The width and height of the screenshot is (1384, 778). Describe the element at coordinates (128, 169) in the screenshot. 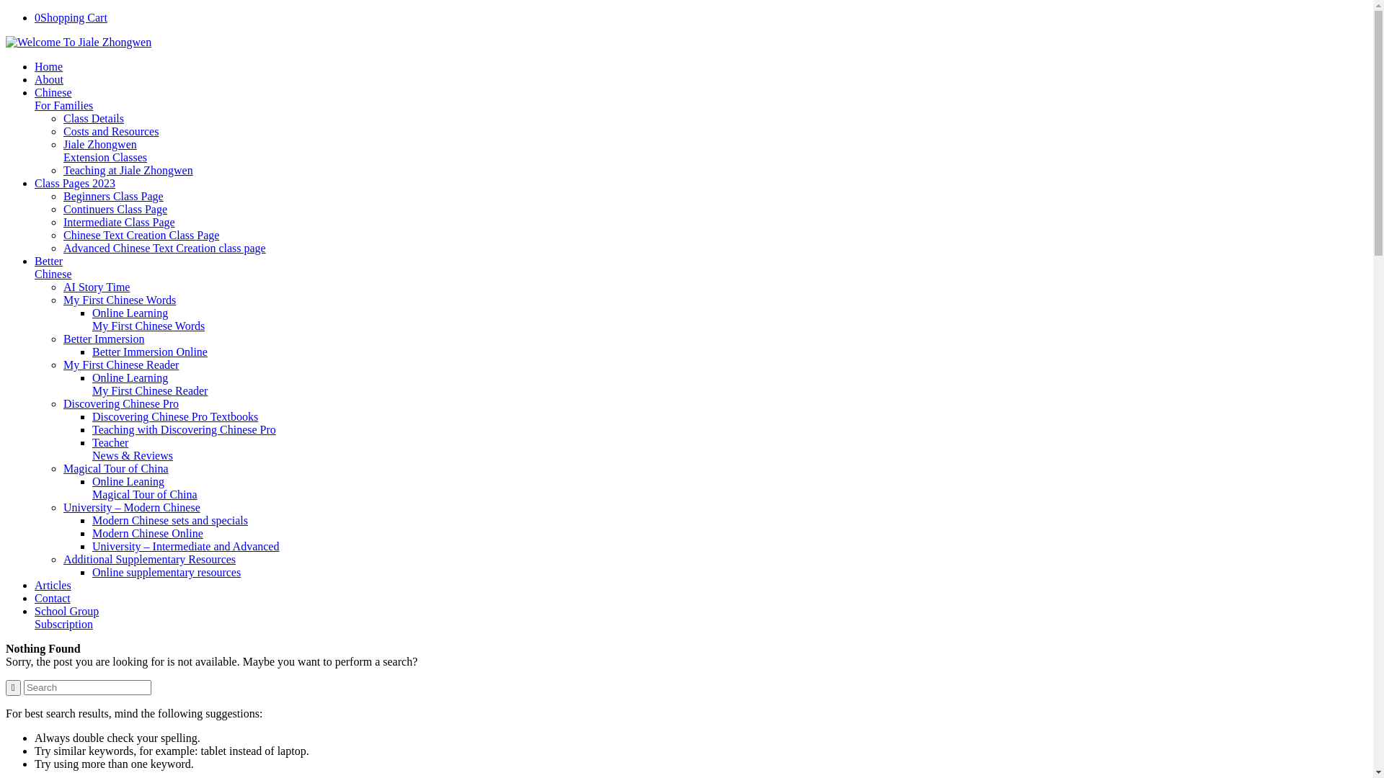

I see `'Teaching at Jiale Zhongwen'` at that location.